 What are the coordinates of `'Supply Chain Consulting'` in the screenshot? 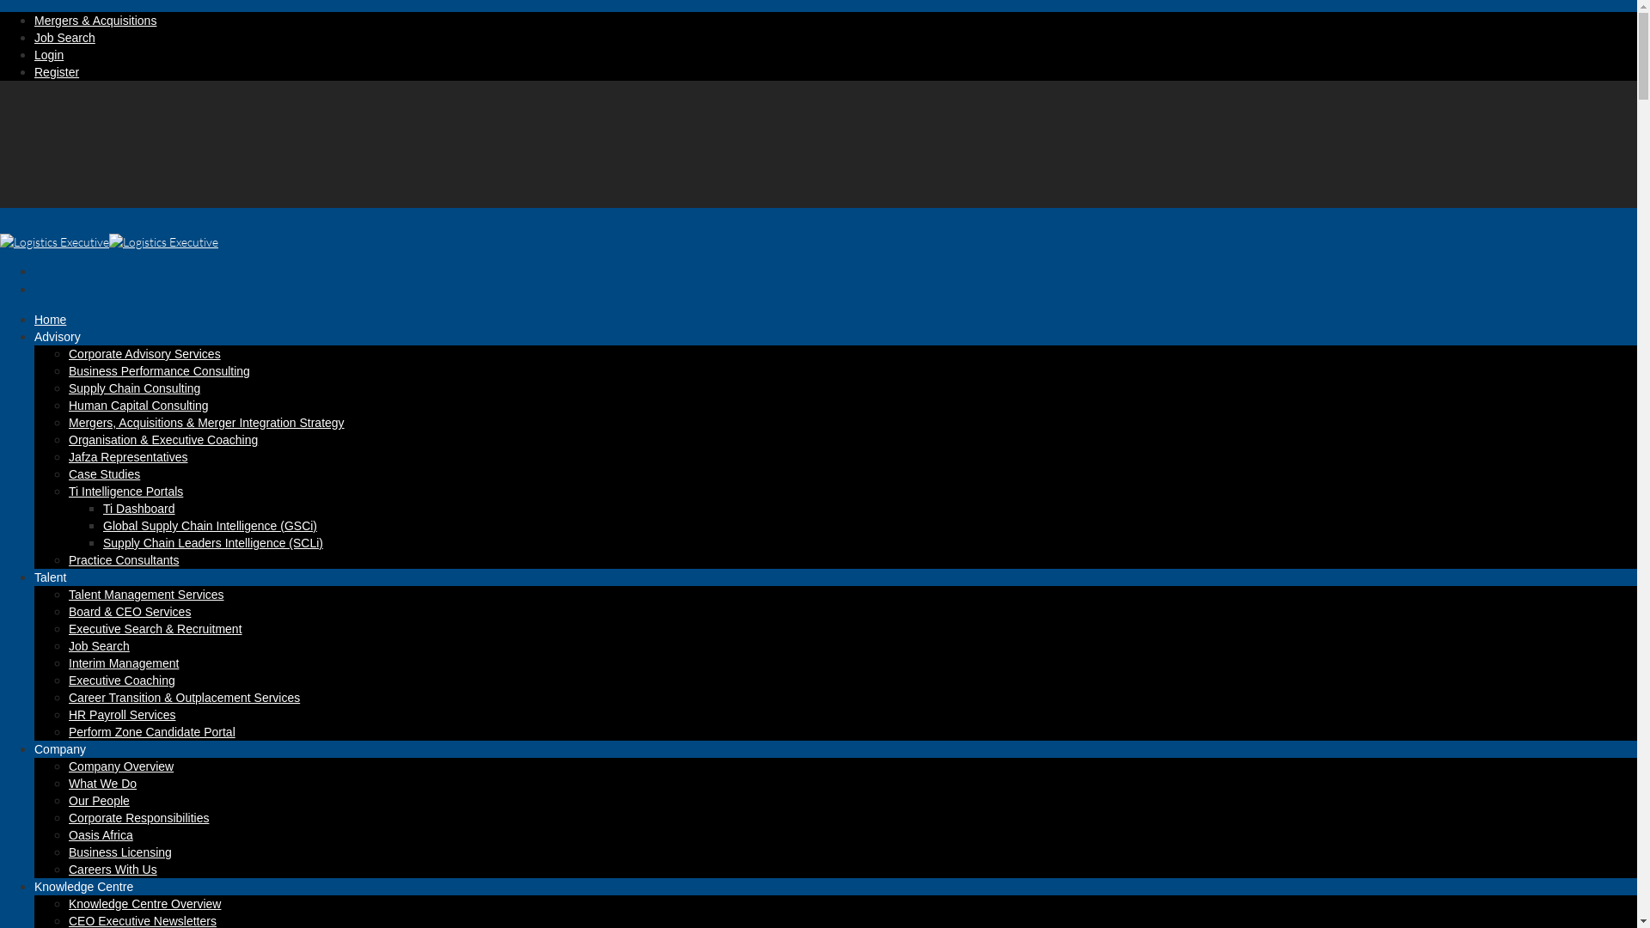 It's located at (69, 388).